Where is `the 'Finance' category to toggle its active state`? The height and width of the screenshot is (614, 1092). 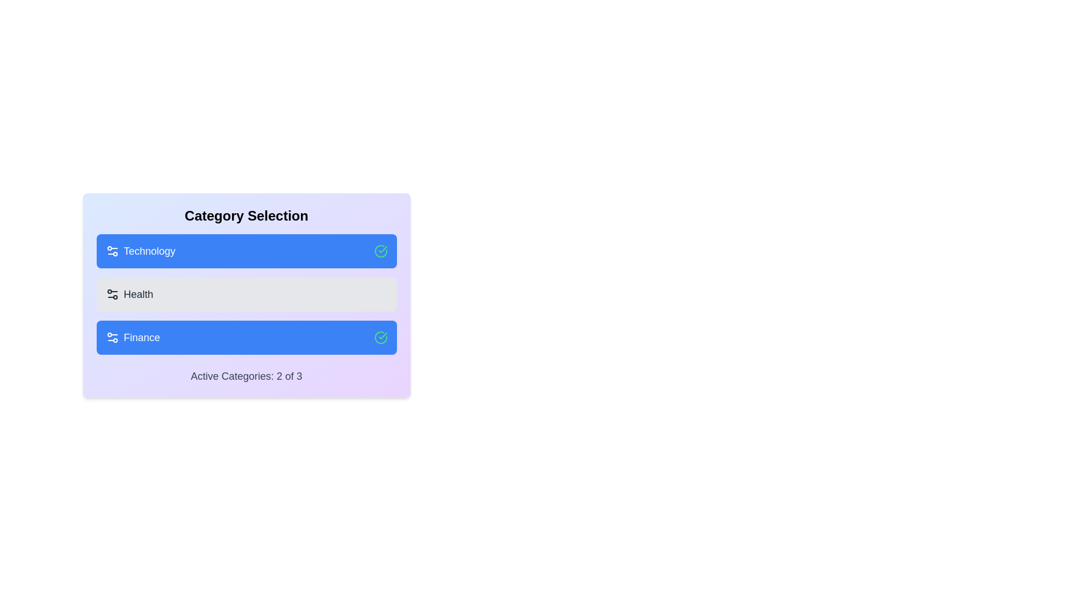
the 'Finance' category to toggle its active state is located at coordinates (246, 337).